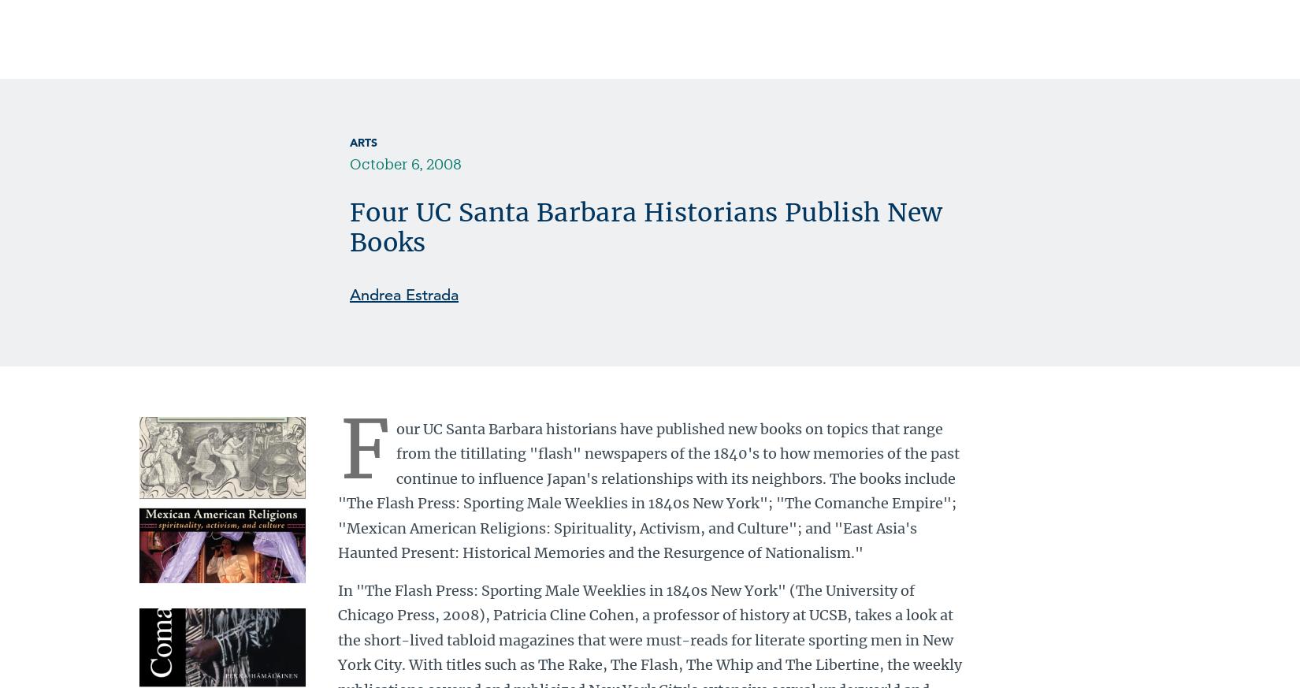  I want to click on 'Download Printable PDF', so click(173, 651).